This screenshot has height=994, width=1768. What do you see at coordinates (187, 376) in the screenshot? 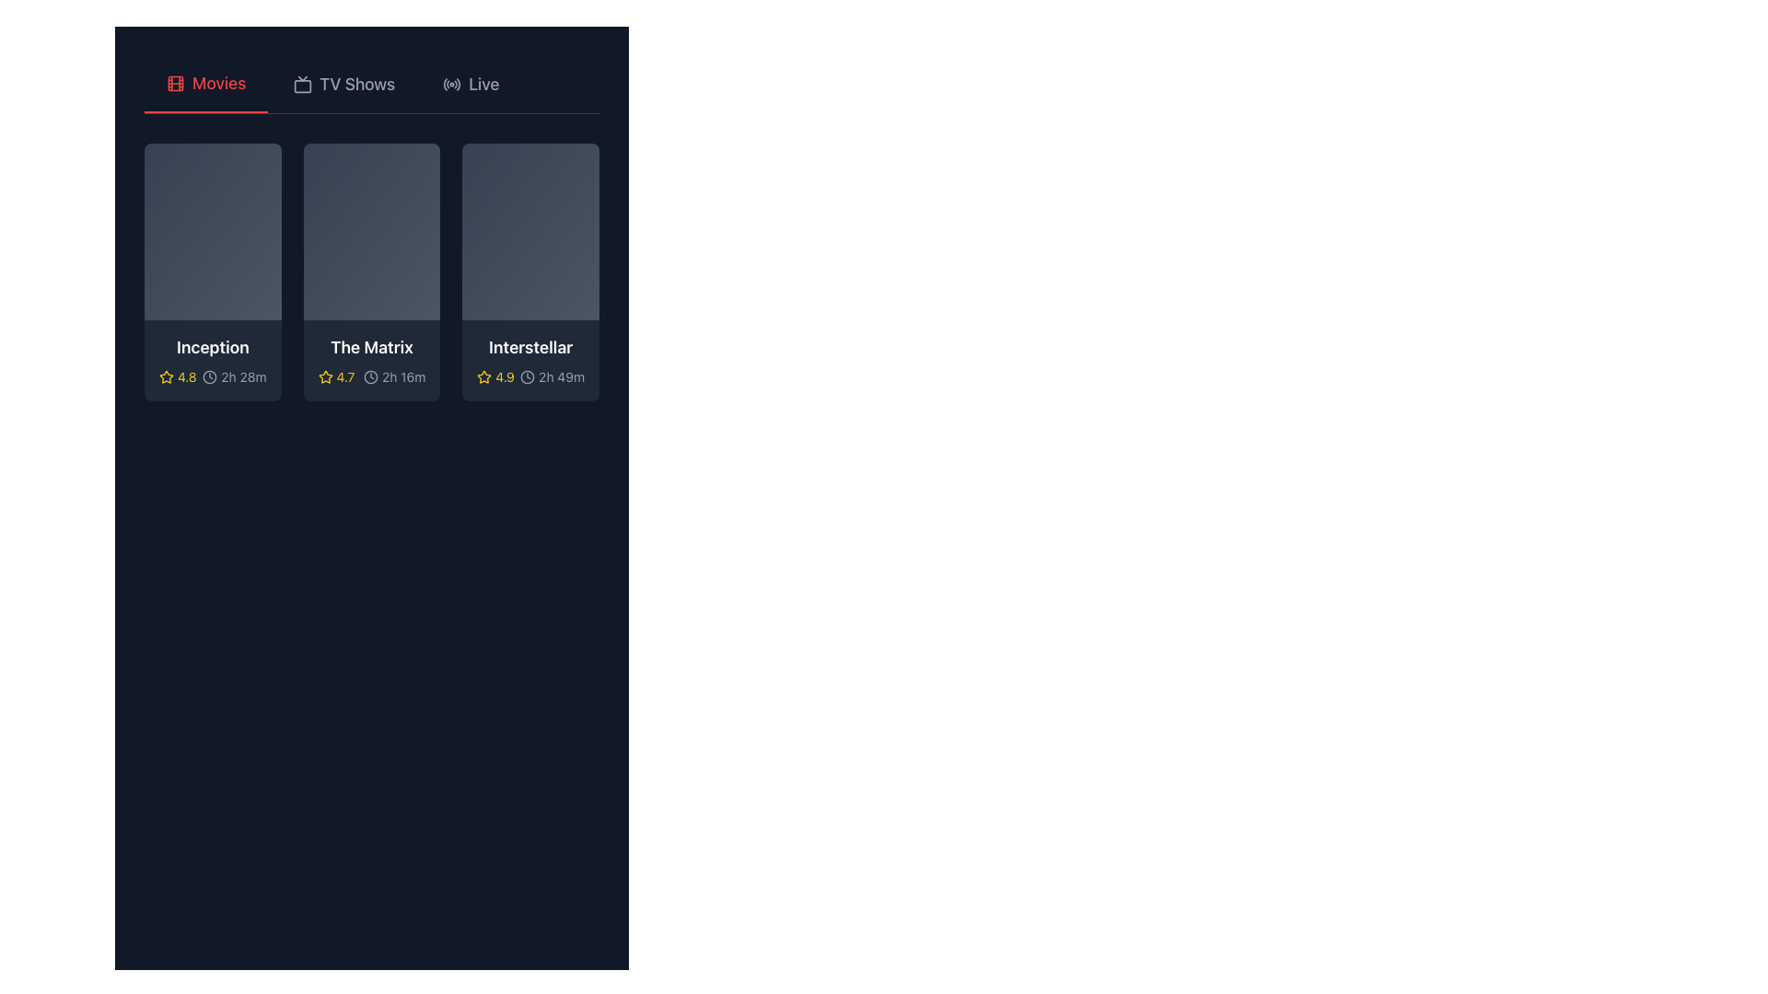
I see `the text label displaying the average rating score of the movie 'Inception', located to the right of the star-shaped icon in the Movies section` at bounding box center [187, 376].